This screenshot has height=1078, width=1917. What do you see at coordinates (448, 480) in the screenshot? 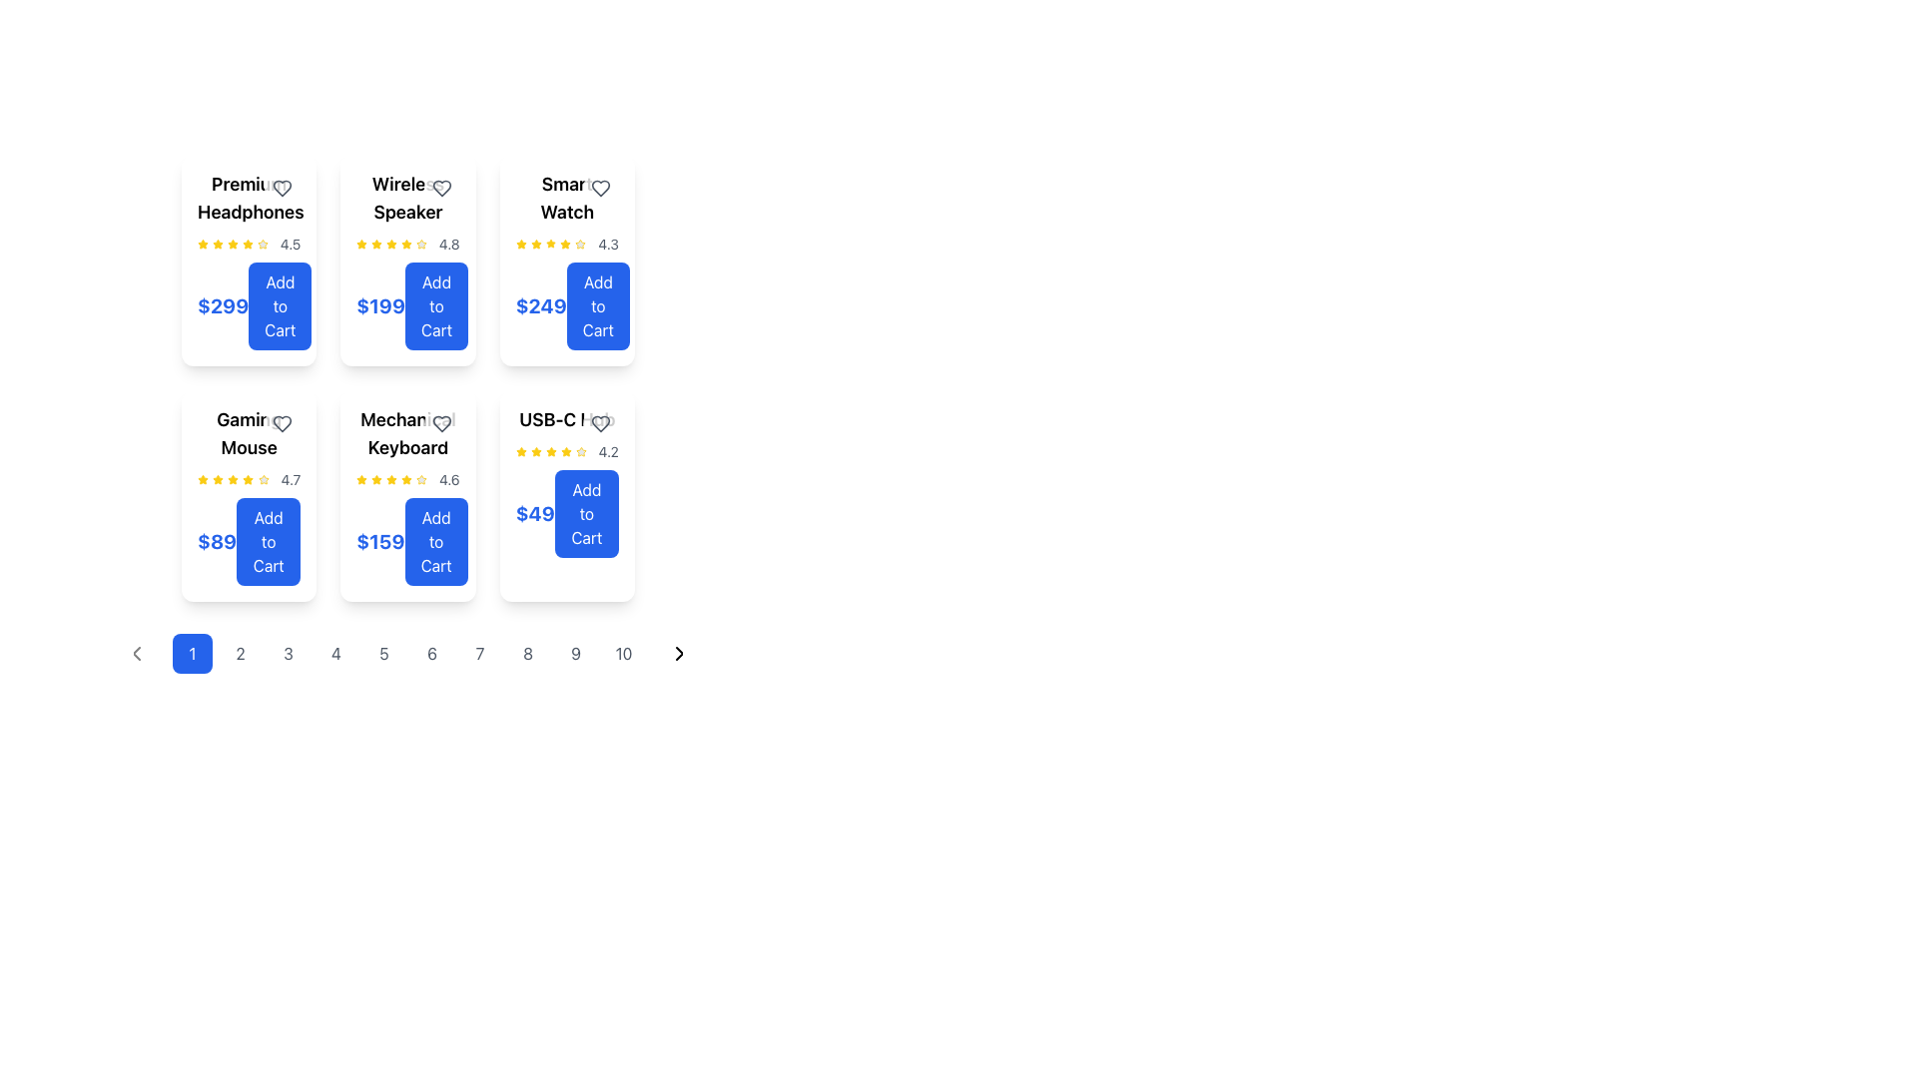
I see `the alignment of the average rating text label for the 'Mechanical Keyboard' product, which is located adjacent to the five-star icons` at bounding box center [448, 480].